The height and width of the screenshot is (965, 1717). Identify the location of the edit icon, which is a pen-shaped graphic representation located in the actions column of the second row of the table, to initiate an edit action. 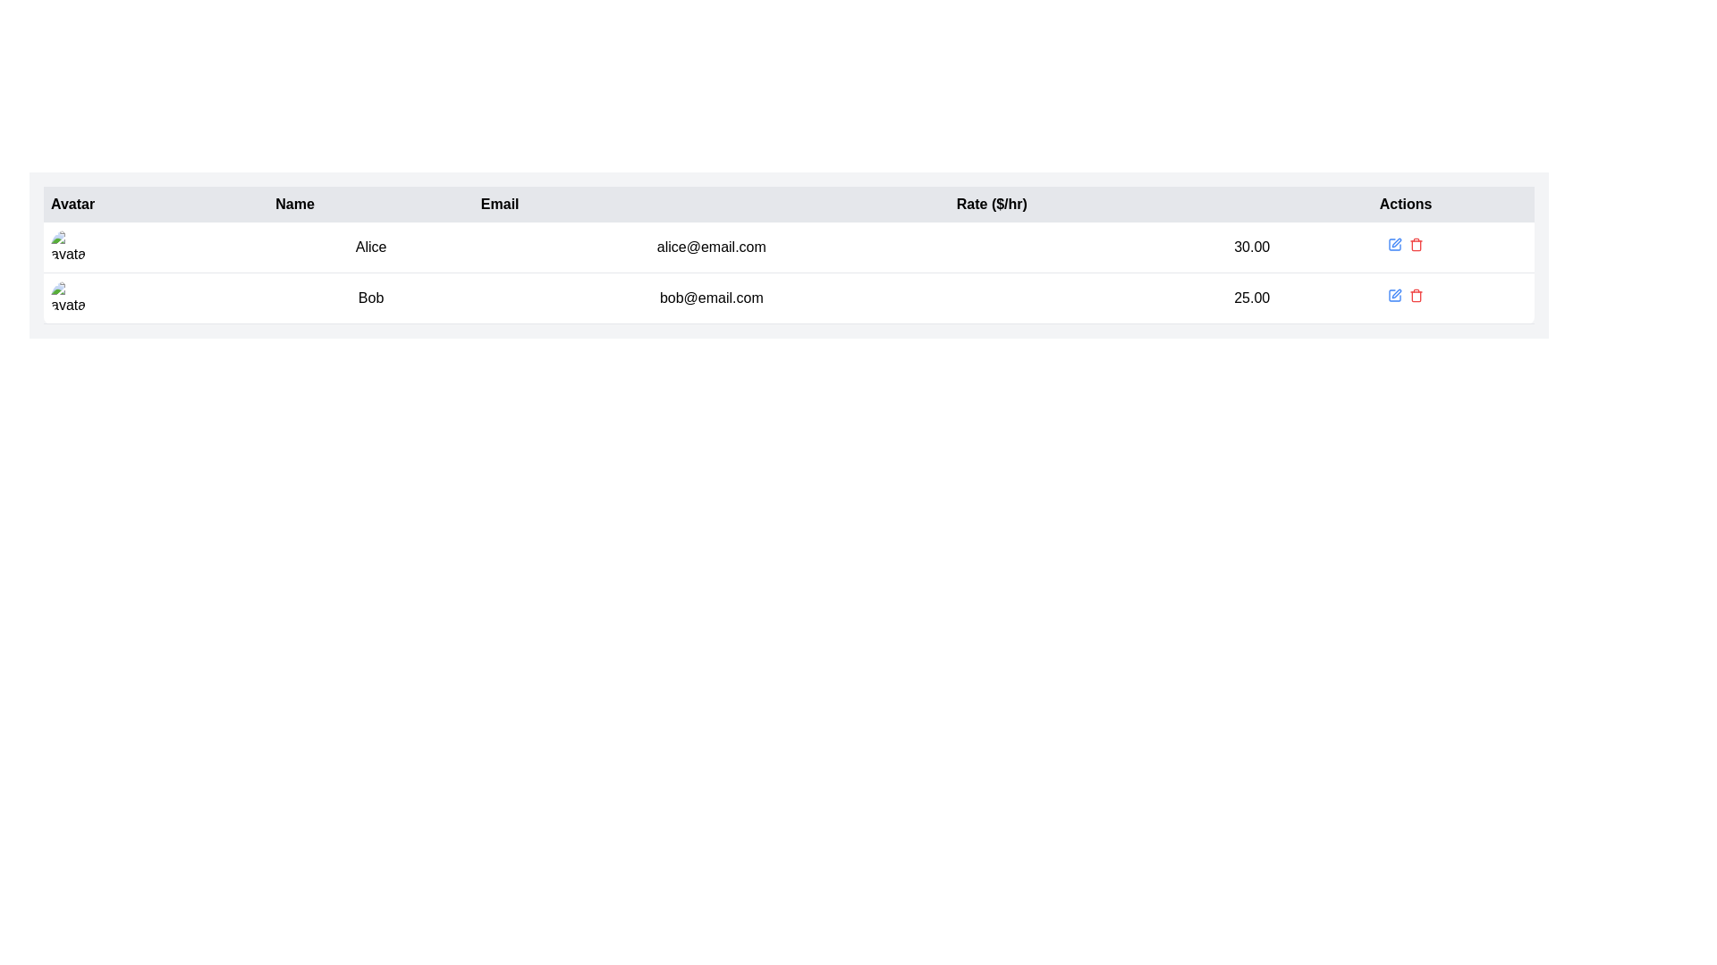
(1396, 292).